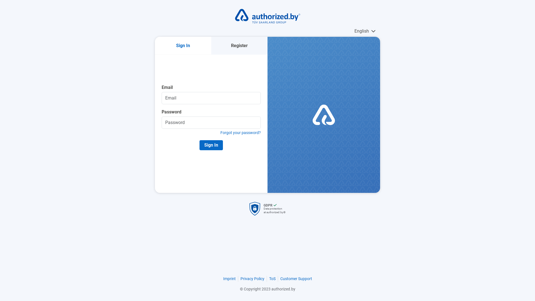 This screenshot has height=301, width=535. Describe the element at coordinates (296, 278) in the screenshot. I see `'Customer Support'` at that location.